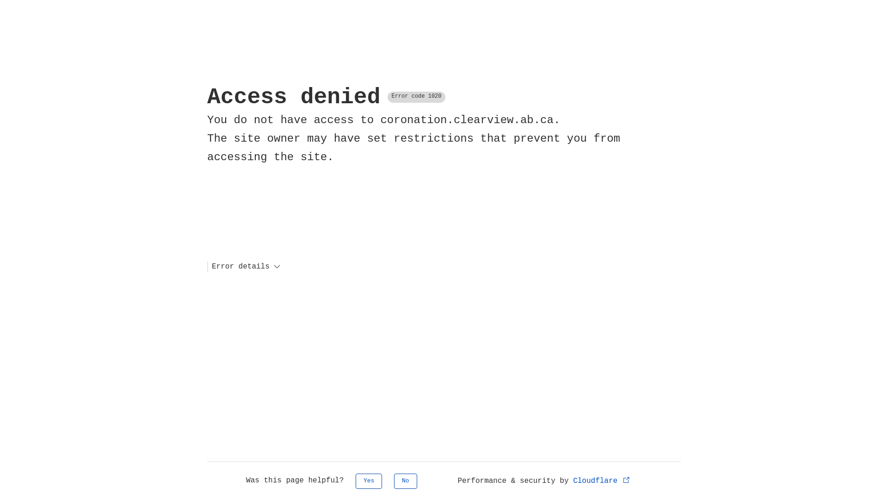 Image resolution: width=888 pixels, height=500 pixels. What do you see at coordinates (623, 479) in the screenshot?
I see `'Opens in new tab'` at bounding box center [623, 479].